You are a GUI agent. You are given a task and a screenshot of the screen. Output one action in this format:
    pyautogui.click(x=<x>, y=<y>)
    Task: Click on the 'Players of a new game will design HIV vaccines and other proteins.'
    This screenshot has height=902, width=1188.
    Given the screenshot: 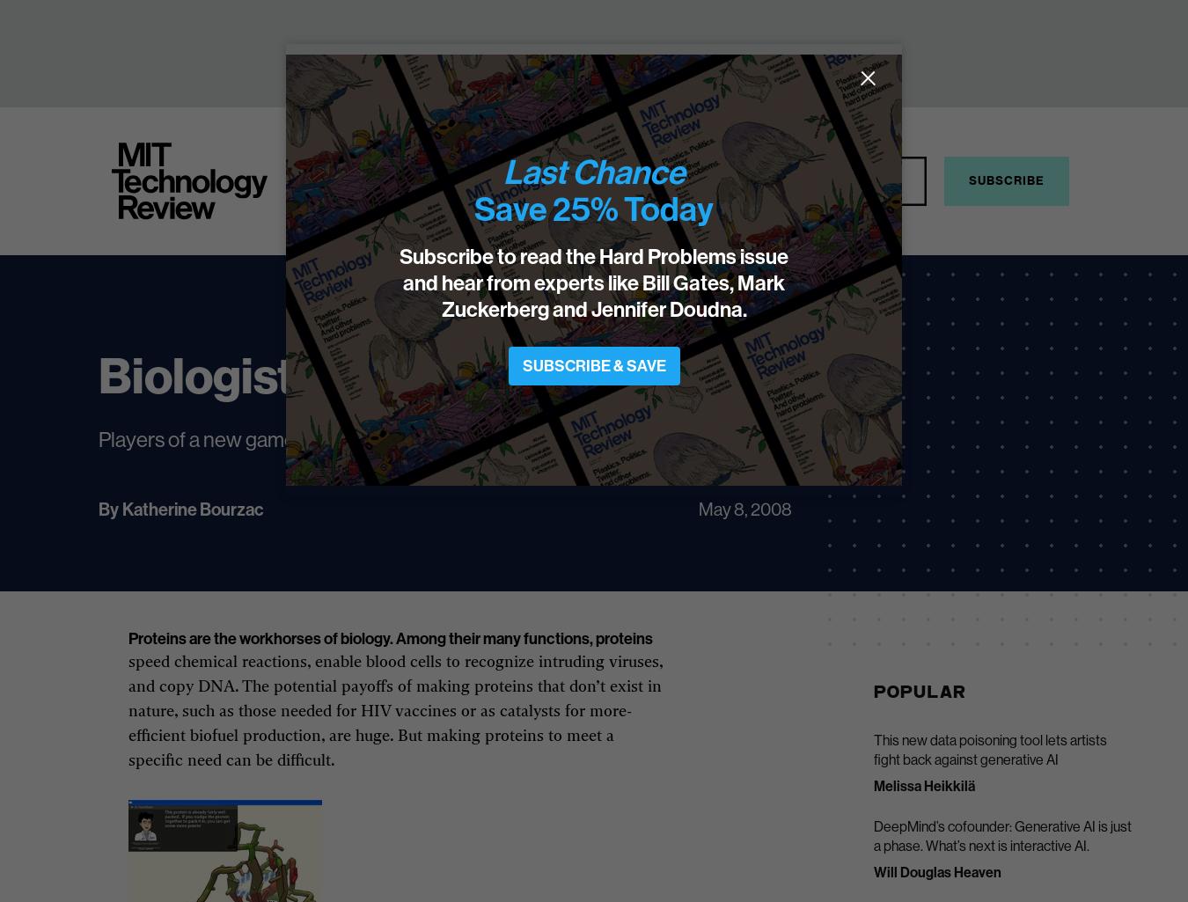 What is the action you would take?
    pyautogui.click(x=388, y=439)
    